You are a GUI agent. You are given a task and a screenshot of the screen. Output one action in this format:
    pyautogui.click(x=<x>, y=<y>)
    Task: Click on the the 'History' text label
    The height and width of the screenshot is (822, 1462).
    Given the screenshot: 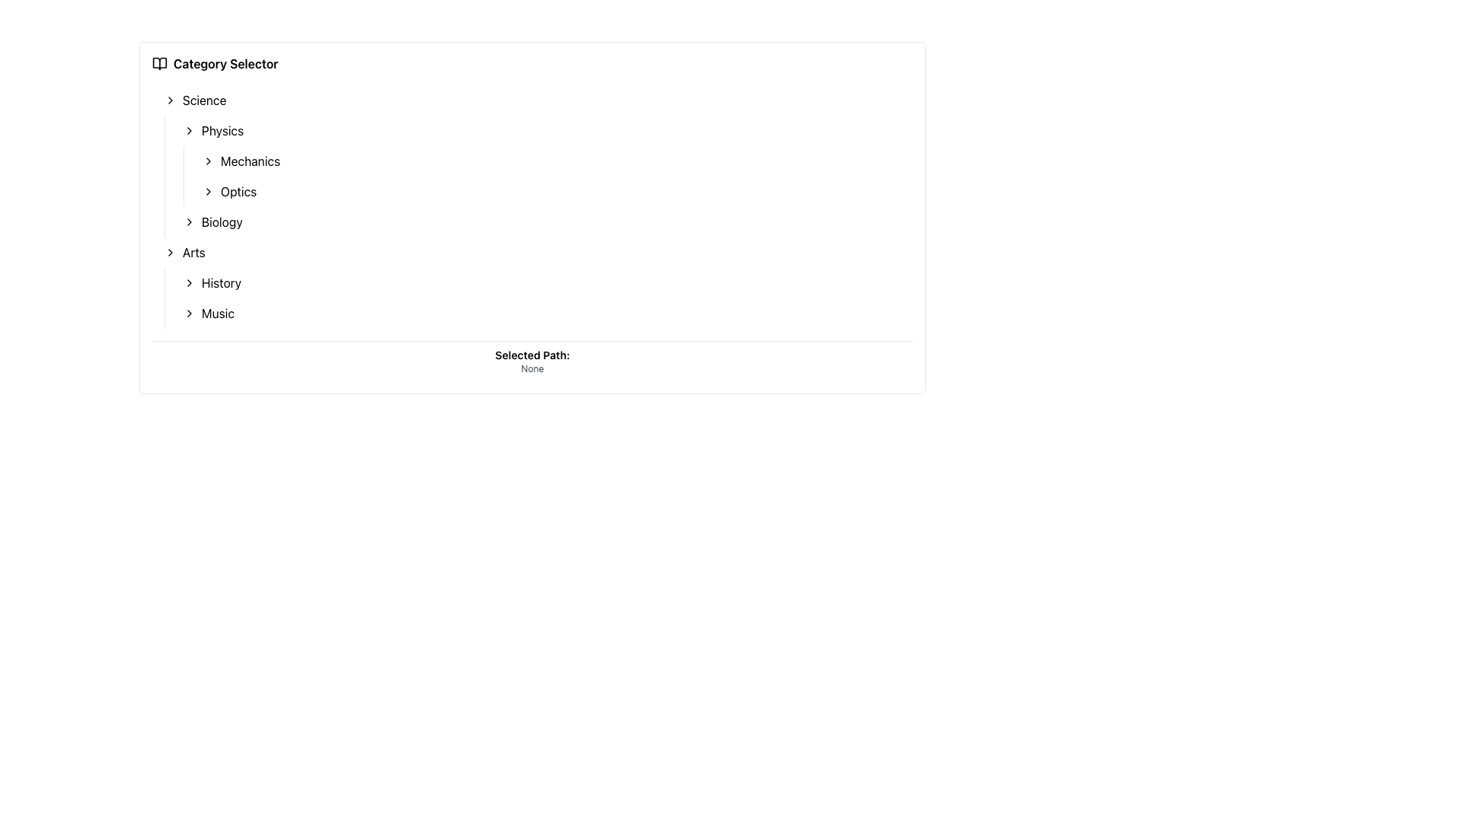 What is the action you would take?
    pyautogui.click(x=221, y=282)
    